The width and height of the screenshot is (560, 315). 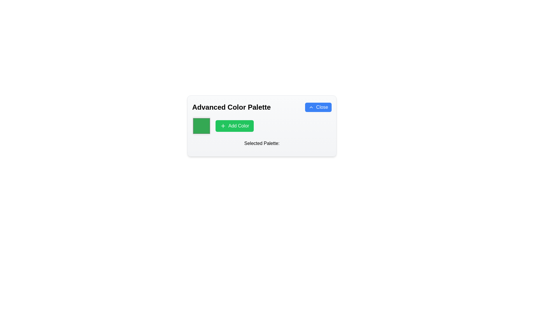 What do you see at coordinates (223, 126) in the screenshot?
I see `the icon located within the green 'Add Color' button` at bounding box center [223, 126].